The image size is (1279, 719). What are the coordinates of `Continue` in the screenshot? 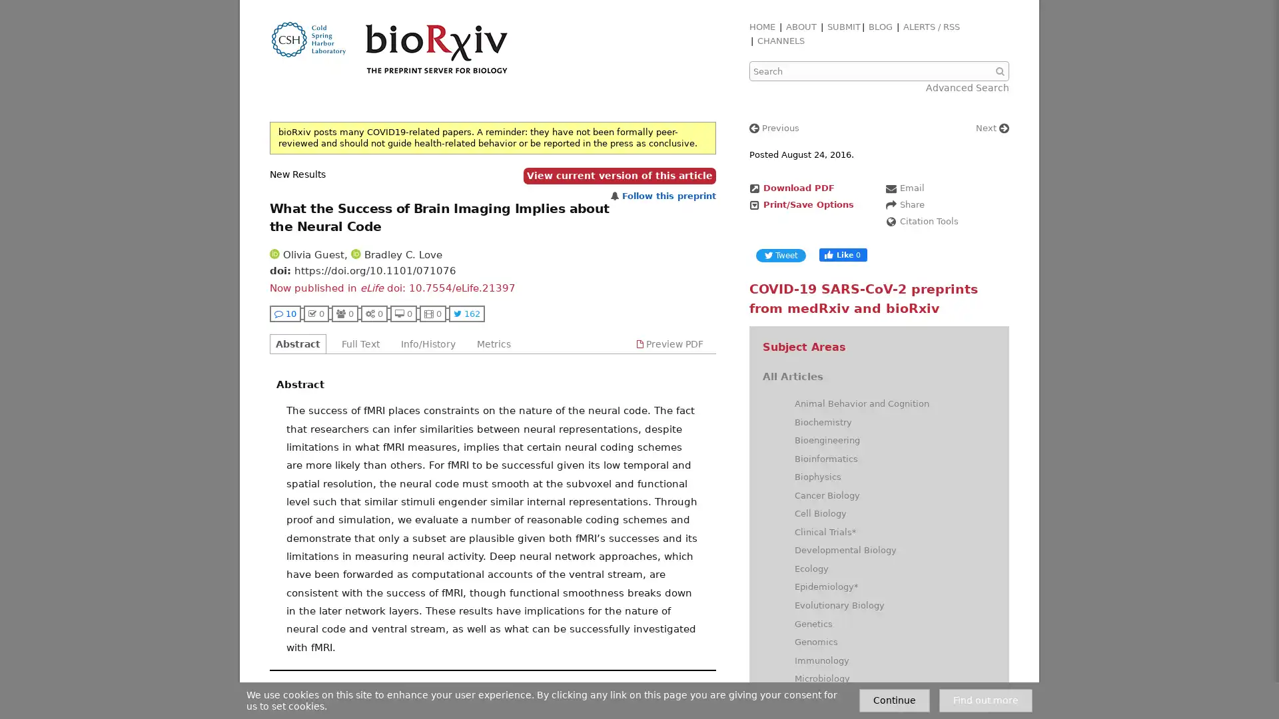 It's located at (895, 700).